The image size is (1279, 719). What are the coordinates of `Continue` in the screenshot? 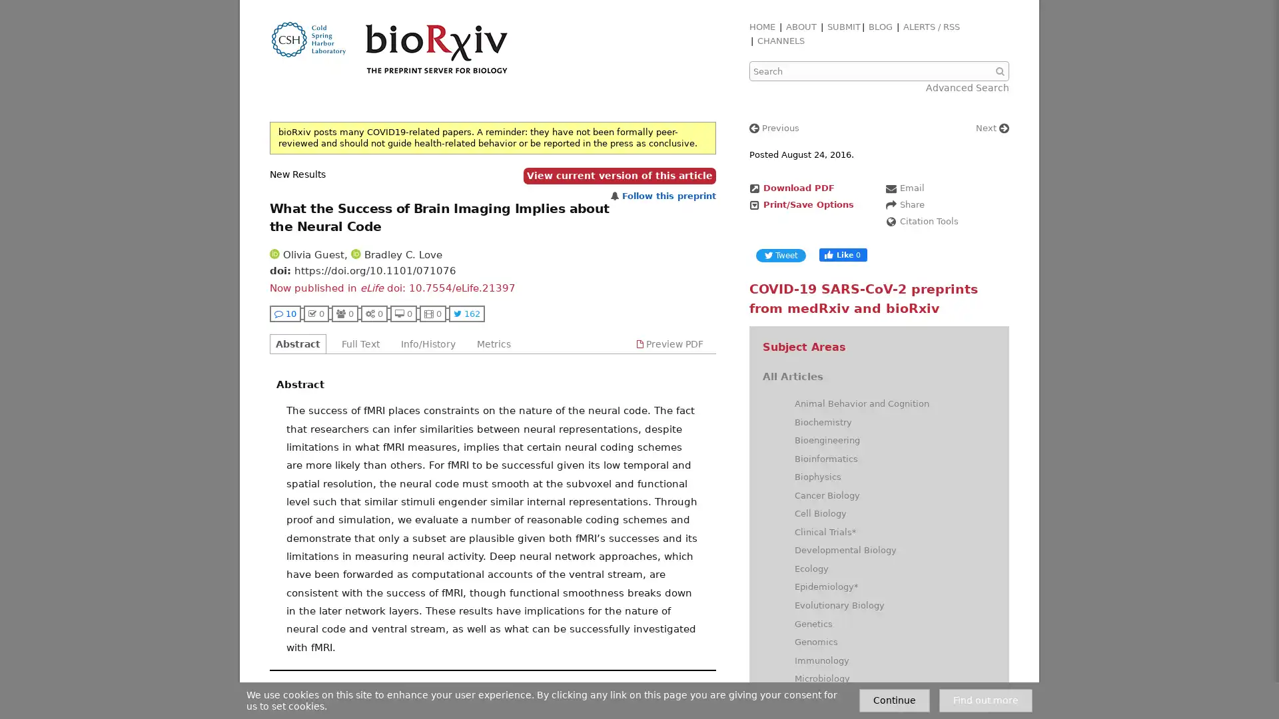 It's located at (895, 700).